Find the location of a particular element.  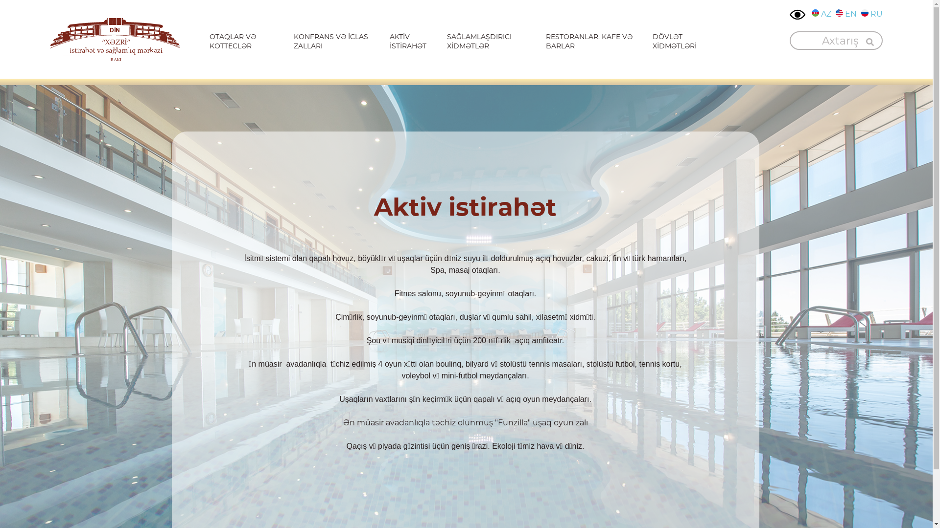

'AZ' is located at coordinates (822, 14).